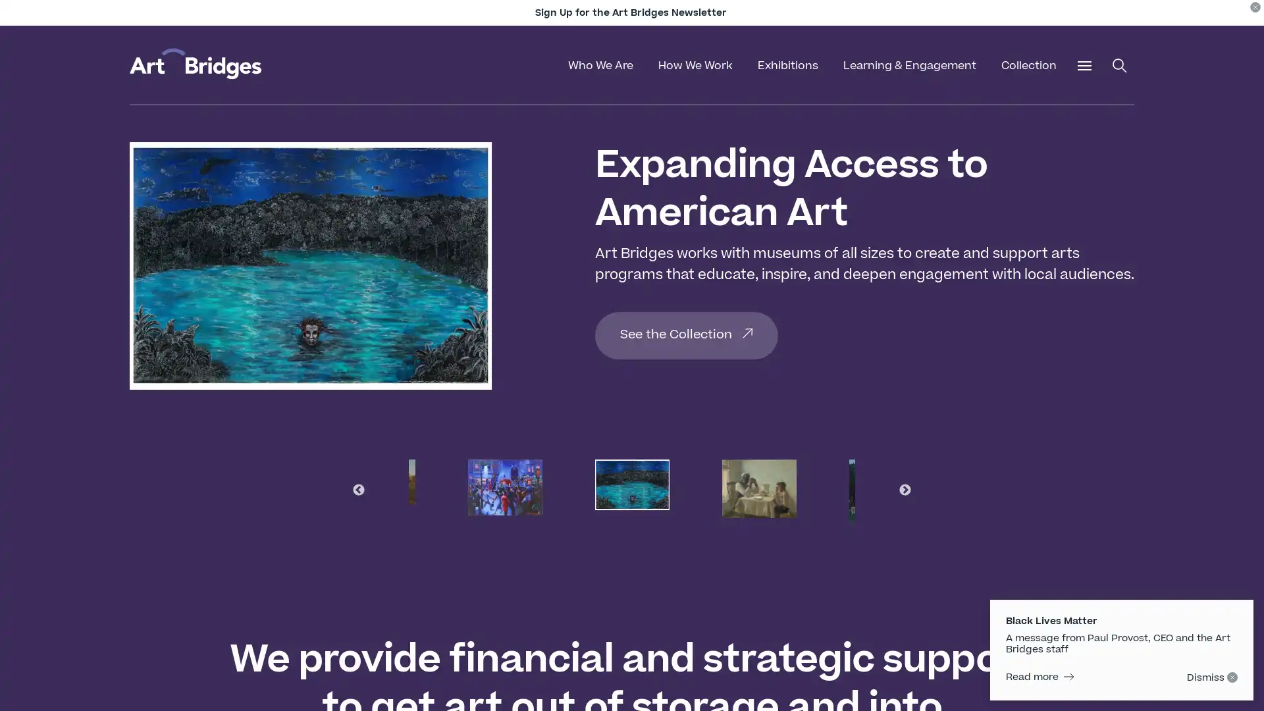 This screenshot has height=711, width=1264. Describe the element at coordinates (1211, 677) in the screenshot. I see `Dismiss  - click to hide on subsequent pages.` at that location.